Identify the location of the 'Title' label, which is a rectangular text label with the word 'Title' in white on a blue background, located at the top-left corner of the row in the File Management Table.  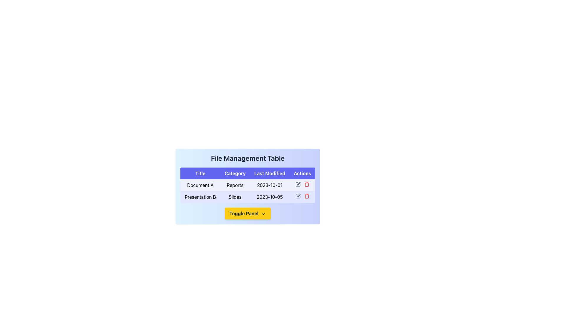
(200, 173).